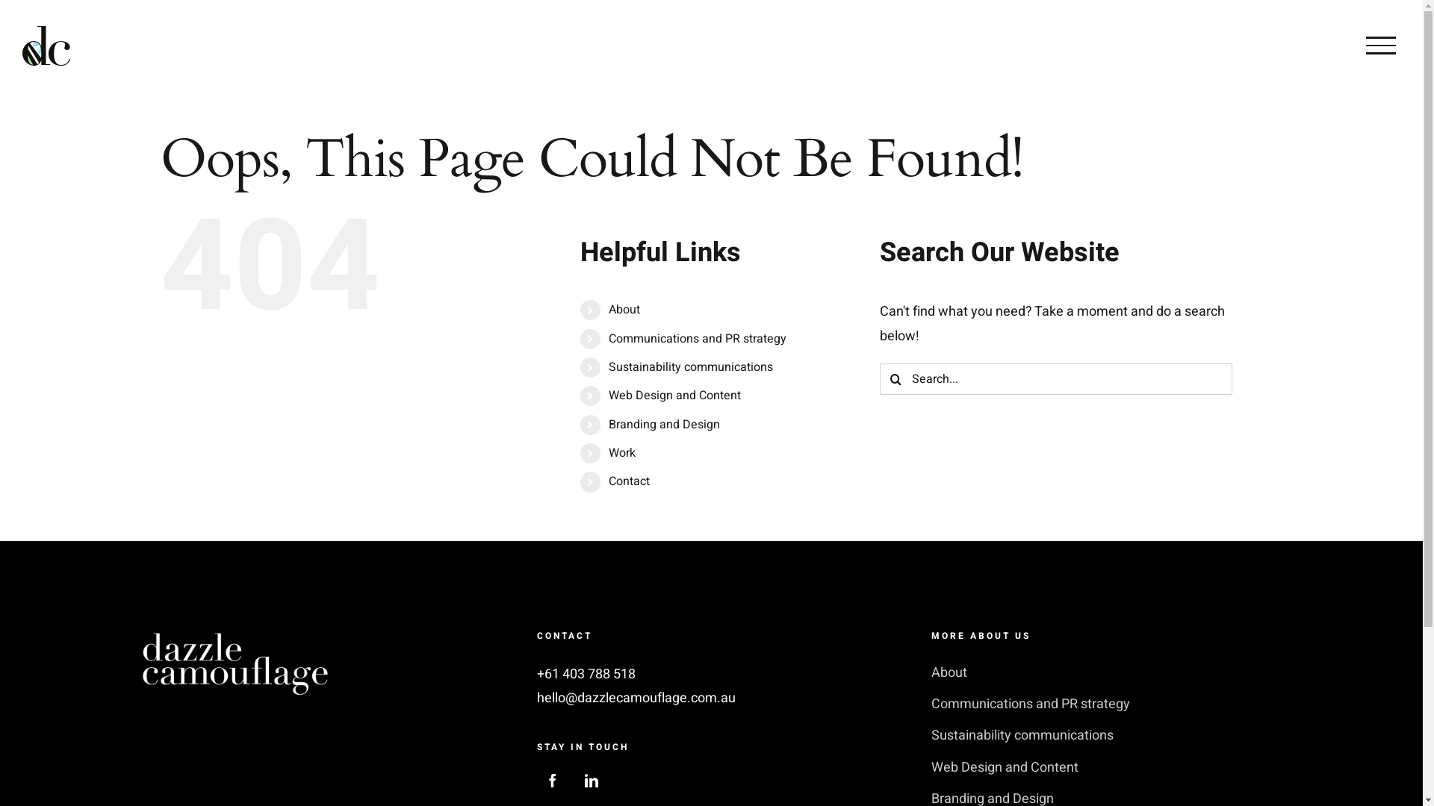  I want to click on 'Communications and PR strategy', so click(1105, 705).